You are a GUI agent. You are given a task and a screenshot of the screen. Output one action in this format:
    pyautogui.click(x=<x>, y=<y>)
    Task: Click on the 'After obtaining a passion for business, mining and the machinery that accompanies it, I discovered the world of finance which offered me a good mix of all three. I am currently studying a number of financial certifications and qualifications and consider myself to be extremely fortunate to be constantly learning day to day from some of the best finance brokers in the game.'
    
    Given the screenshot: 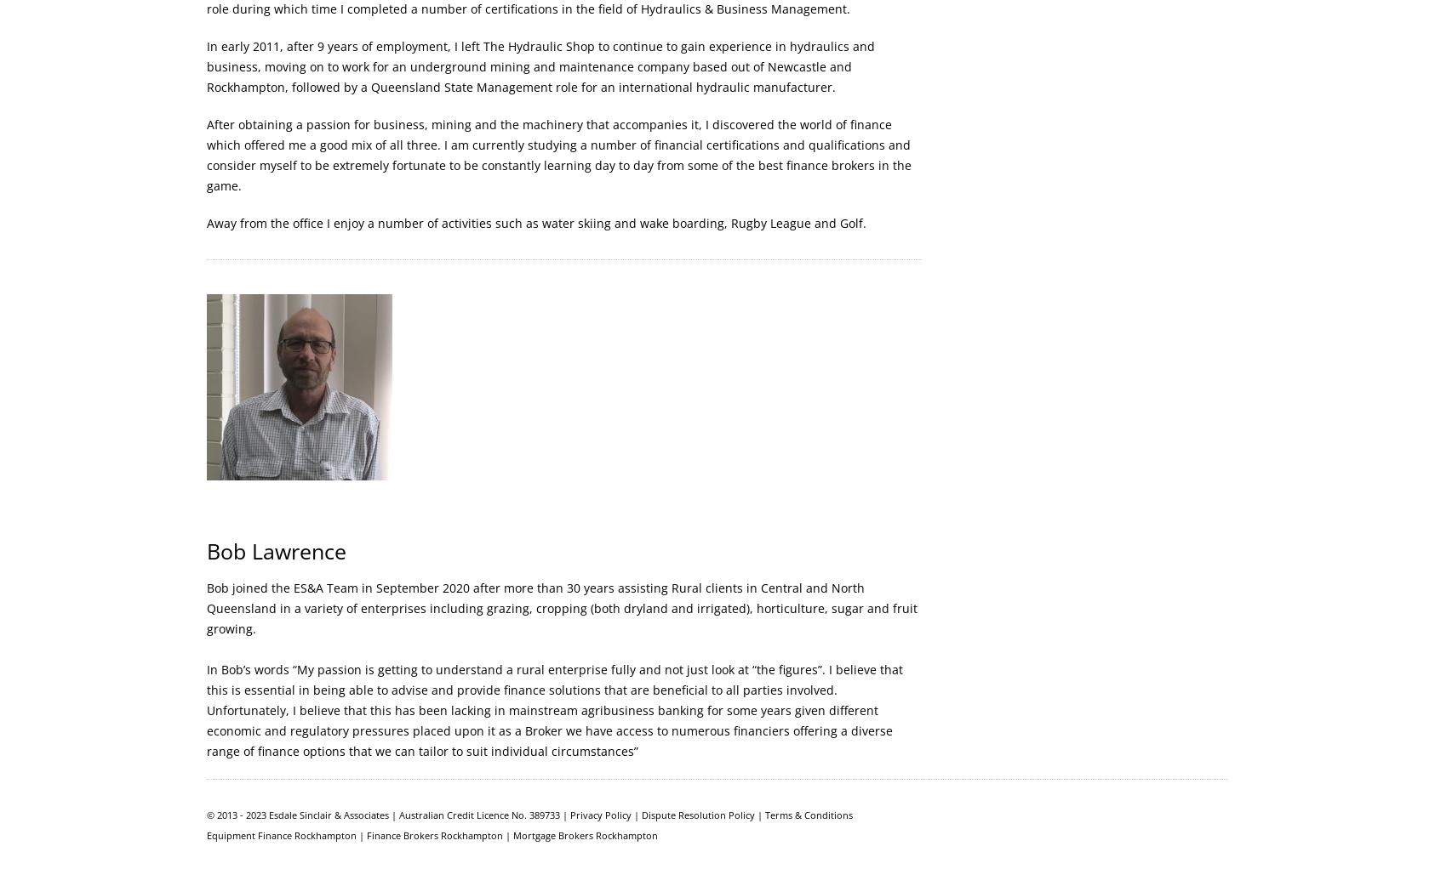 What is the action you would take?
    pyautogui.click(x=558, y=154)
    